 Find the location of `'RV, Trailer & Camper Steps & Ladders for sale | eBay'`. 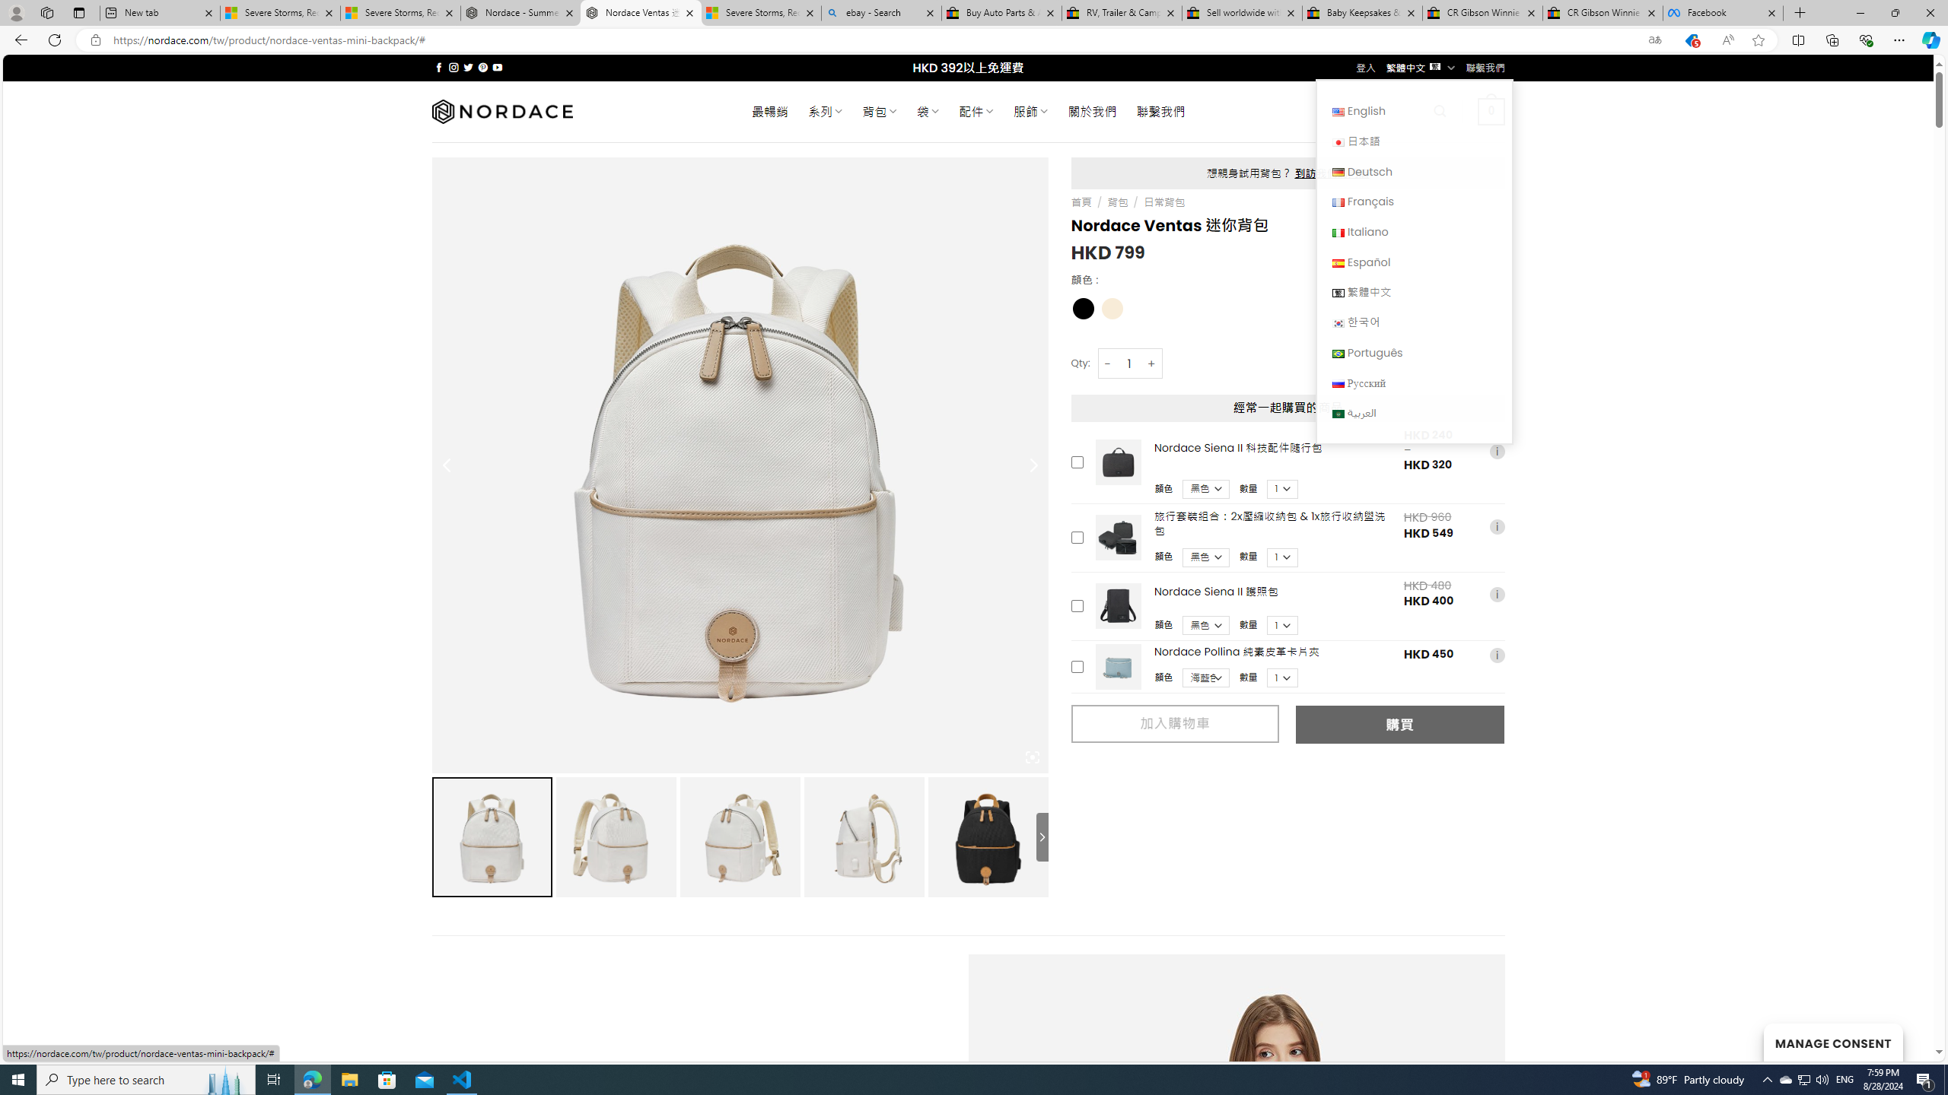

'RV, Trailer & Camper Steps & Ladders for sale | eBay' is located at coordinates (1121, 12).